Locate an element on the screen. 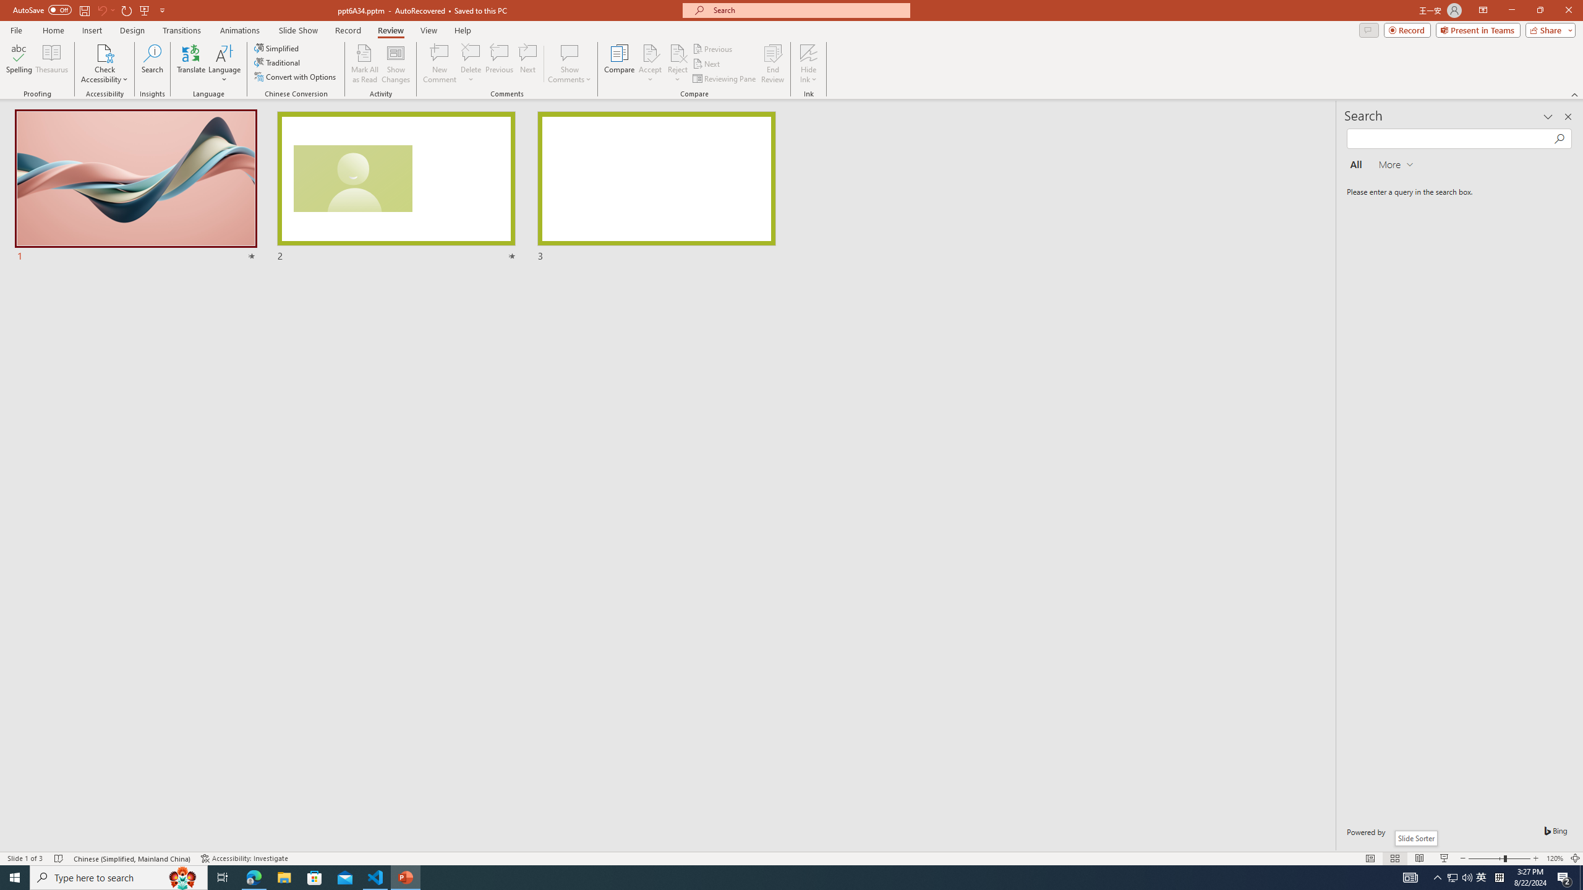 The image size is (1583, 890). 'Transitions' is located at coordinates (181, 30).